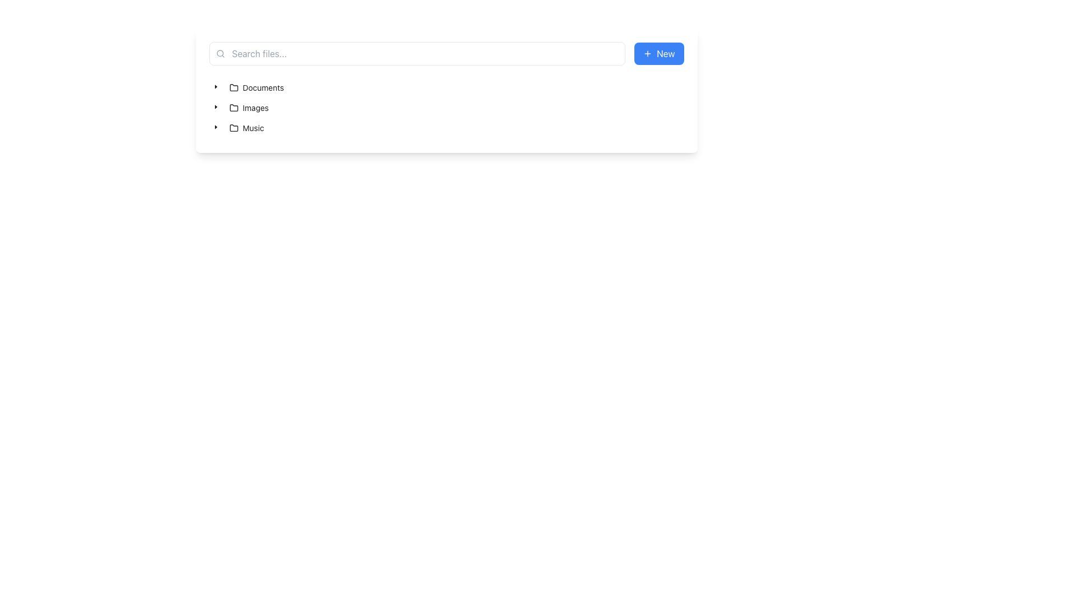 This screenshot has height=605, width=1075. Describe the element at coordinates (647, 54) in the screenshot. I see `the icon for creating or adding a new item, which is located within the rectangular blue 'New' button at the top-right corner of the interface` at that location.